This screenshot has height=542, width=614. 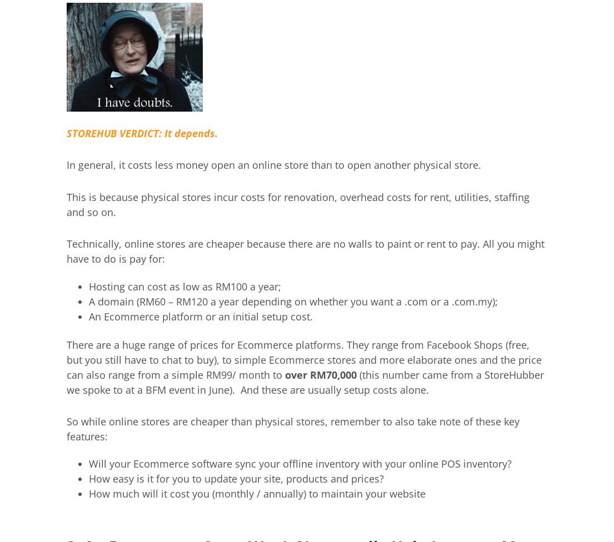 I want to click on 'Hosting can cost as low as RM100 a year;', so click(x=185, y=286).